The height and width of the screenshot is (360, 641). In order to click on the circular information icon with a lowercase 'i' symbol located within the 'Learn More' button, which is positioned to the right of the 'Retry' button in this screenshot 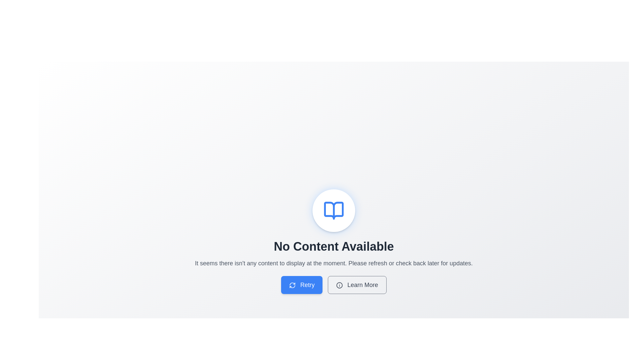, I will do `click(340, 285)`.